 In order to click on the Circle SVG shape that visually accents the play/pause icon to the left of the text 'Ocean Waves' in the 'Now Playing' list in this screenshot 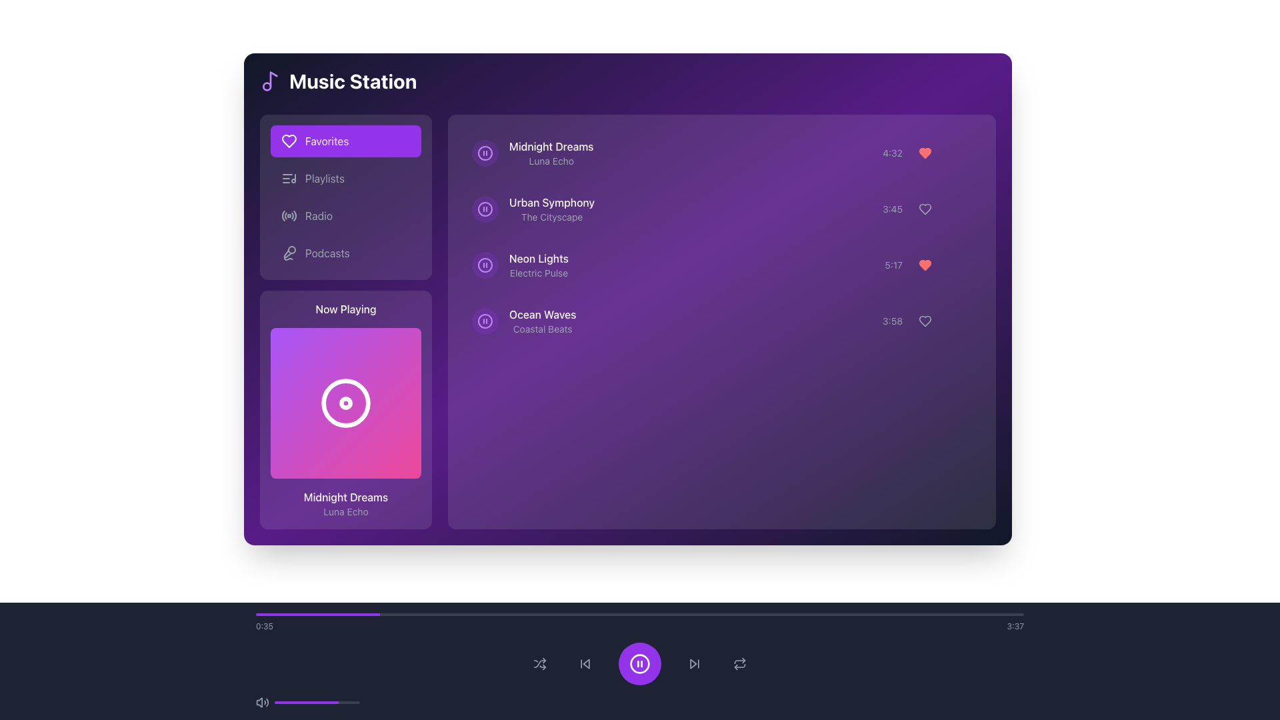, I will do `click(485, 321)`.